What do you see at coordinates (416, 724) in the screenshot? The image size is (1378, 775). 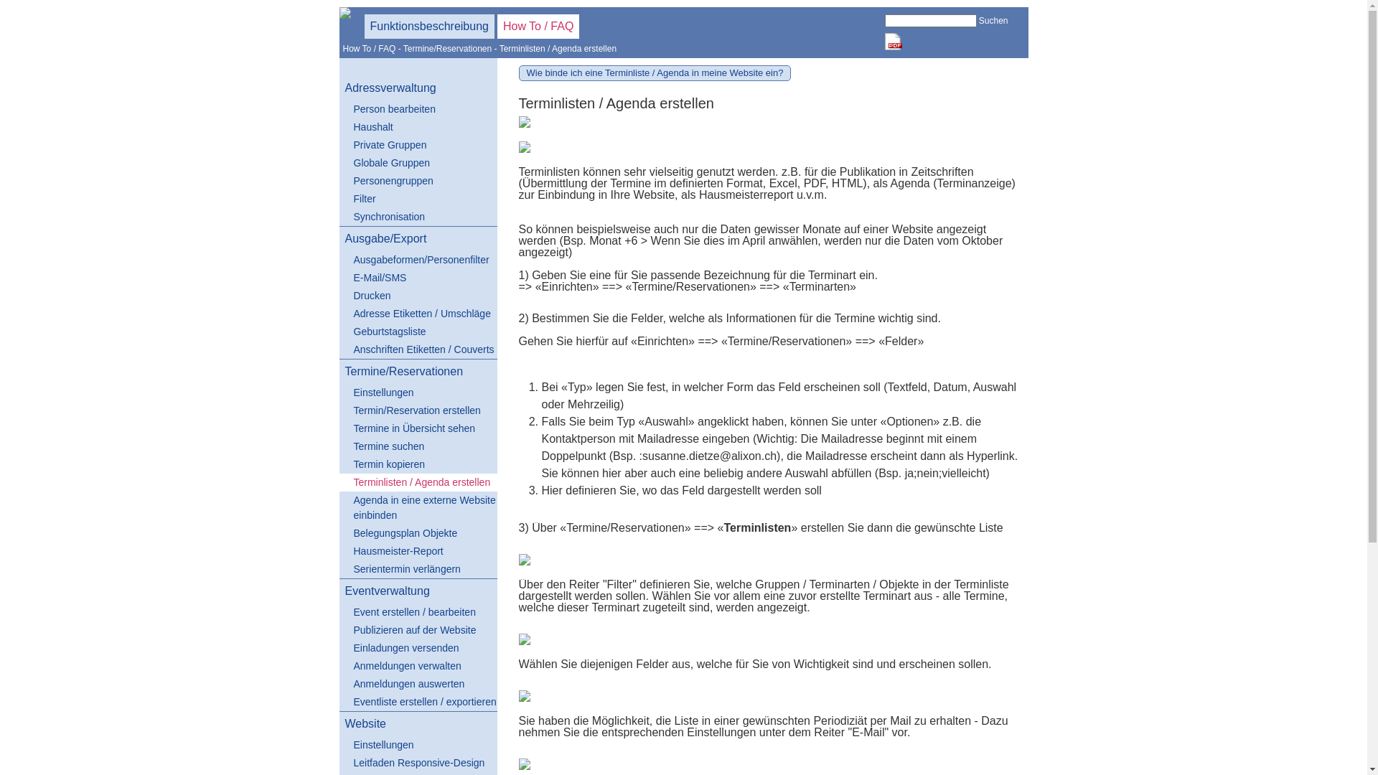 I see `'Website'` at bounding box center [416, 724].